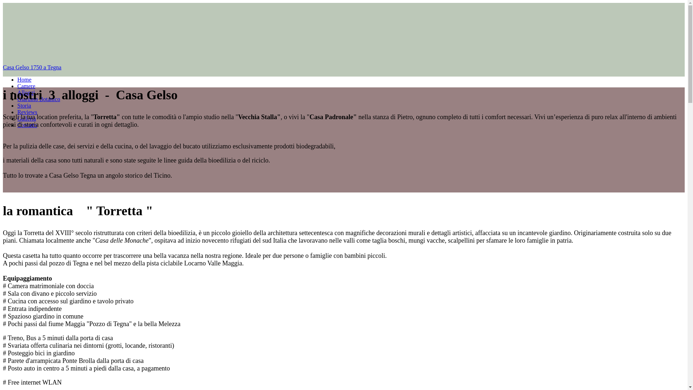  I want to click on 'Giardino Botanico', so click(17, 99).